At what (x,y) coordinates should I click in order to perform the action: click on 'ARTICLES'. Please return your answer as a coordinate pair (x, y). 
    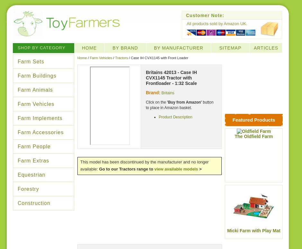
    Looking at the image, I should click on (265, 47).